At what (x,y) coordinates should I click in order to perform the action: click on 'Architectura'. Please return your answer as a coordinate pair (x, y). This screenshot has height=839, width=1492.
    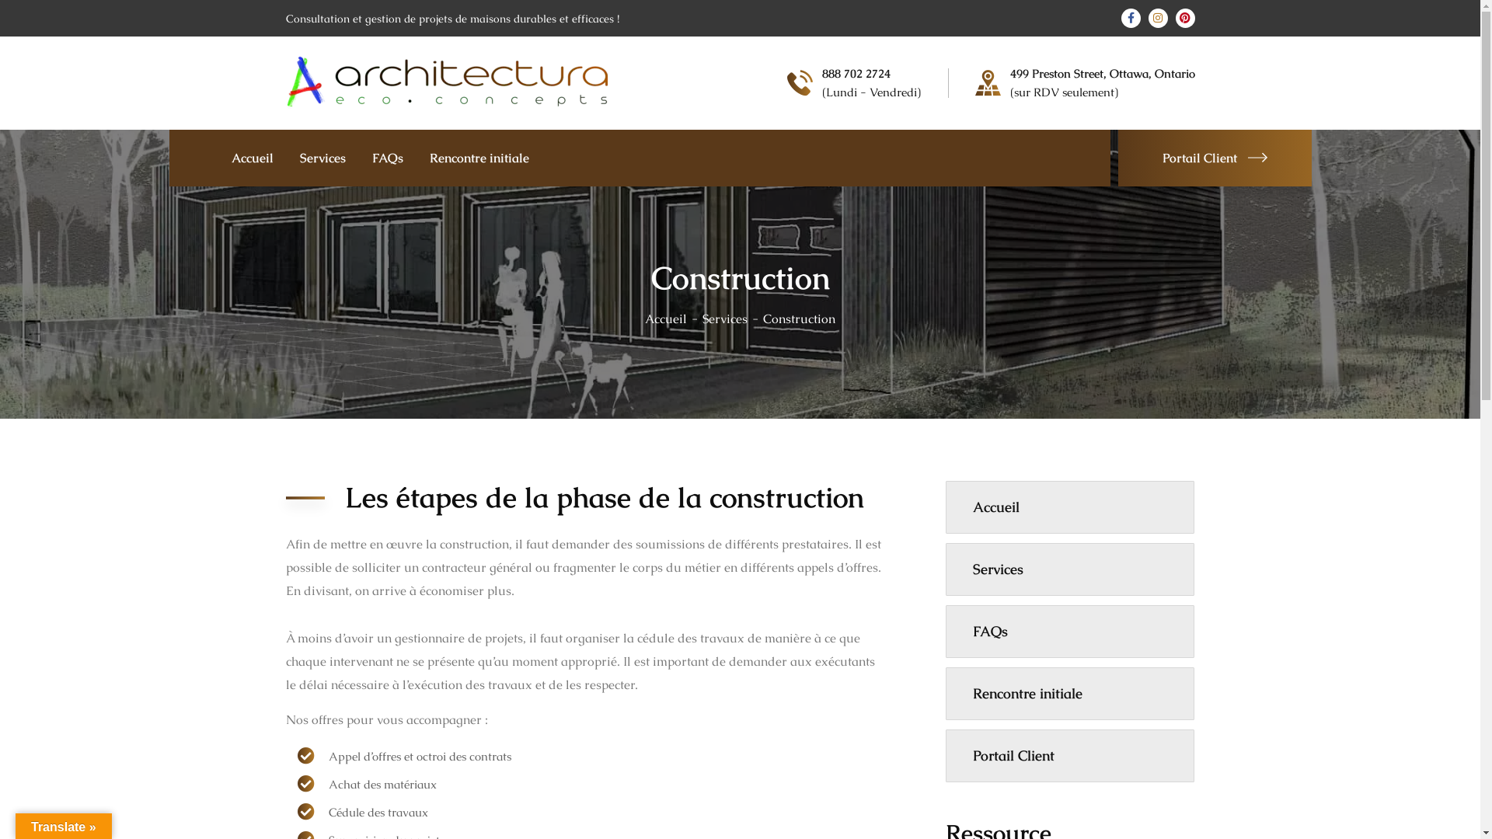
    Looking at the image, I should click on (446, 81).